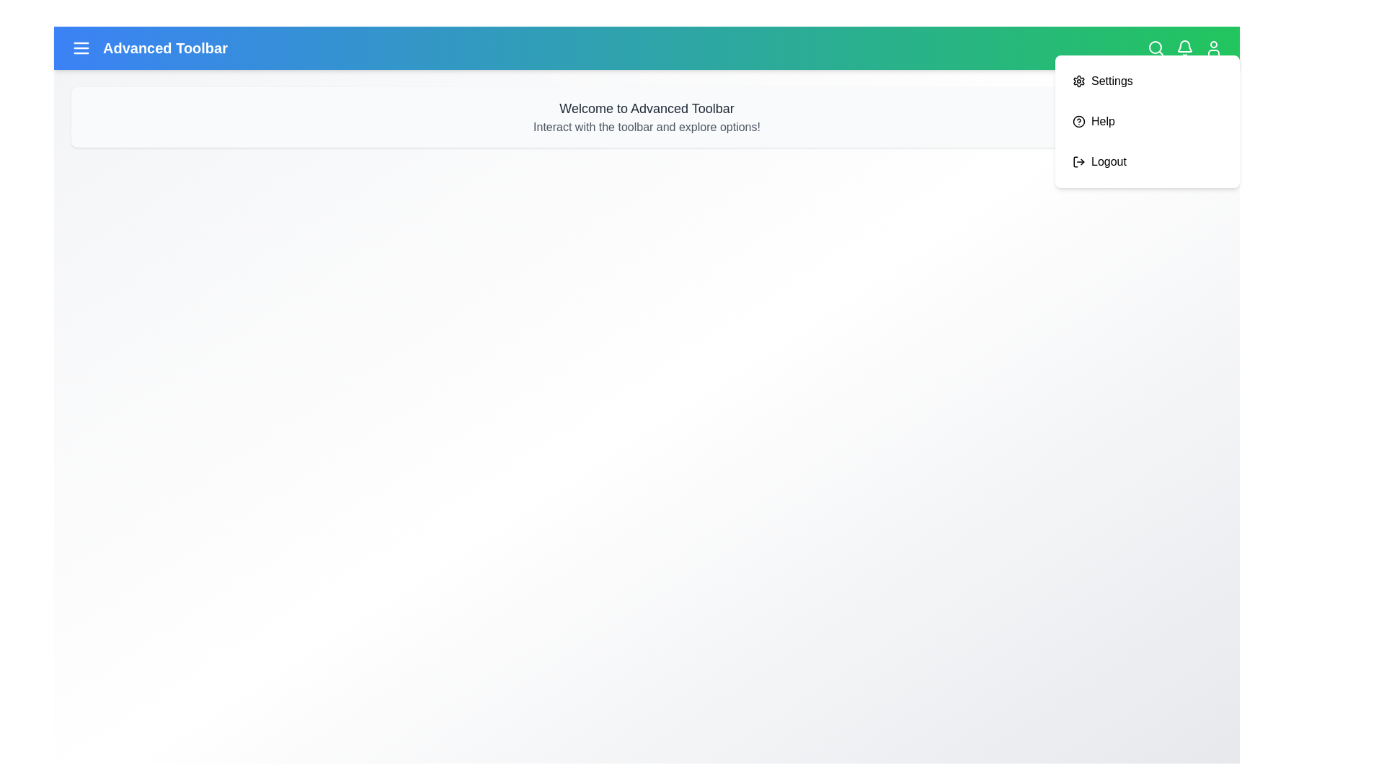  I want to click on the 'Logout' option in the menu, so click(1107, 161).